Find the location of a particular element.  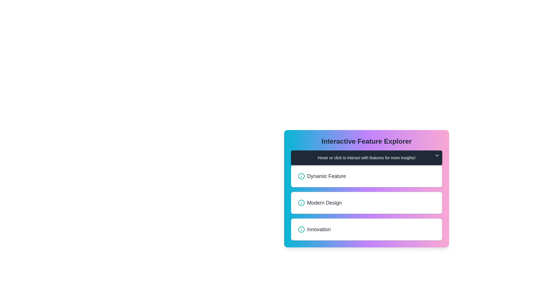

the circle element that is the innermost component of the information icon within the 'Modern Design' button is located at coordinates (301, 203).